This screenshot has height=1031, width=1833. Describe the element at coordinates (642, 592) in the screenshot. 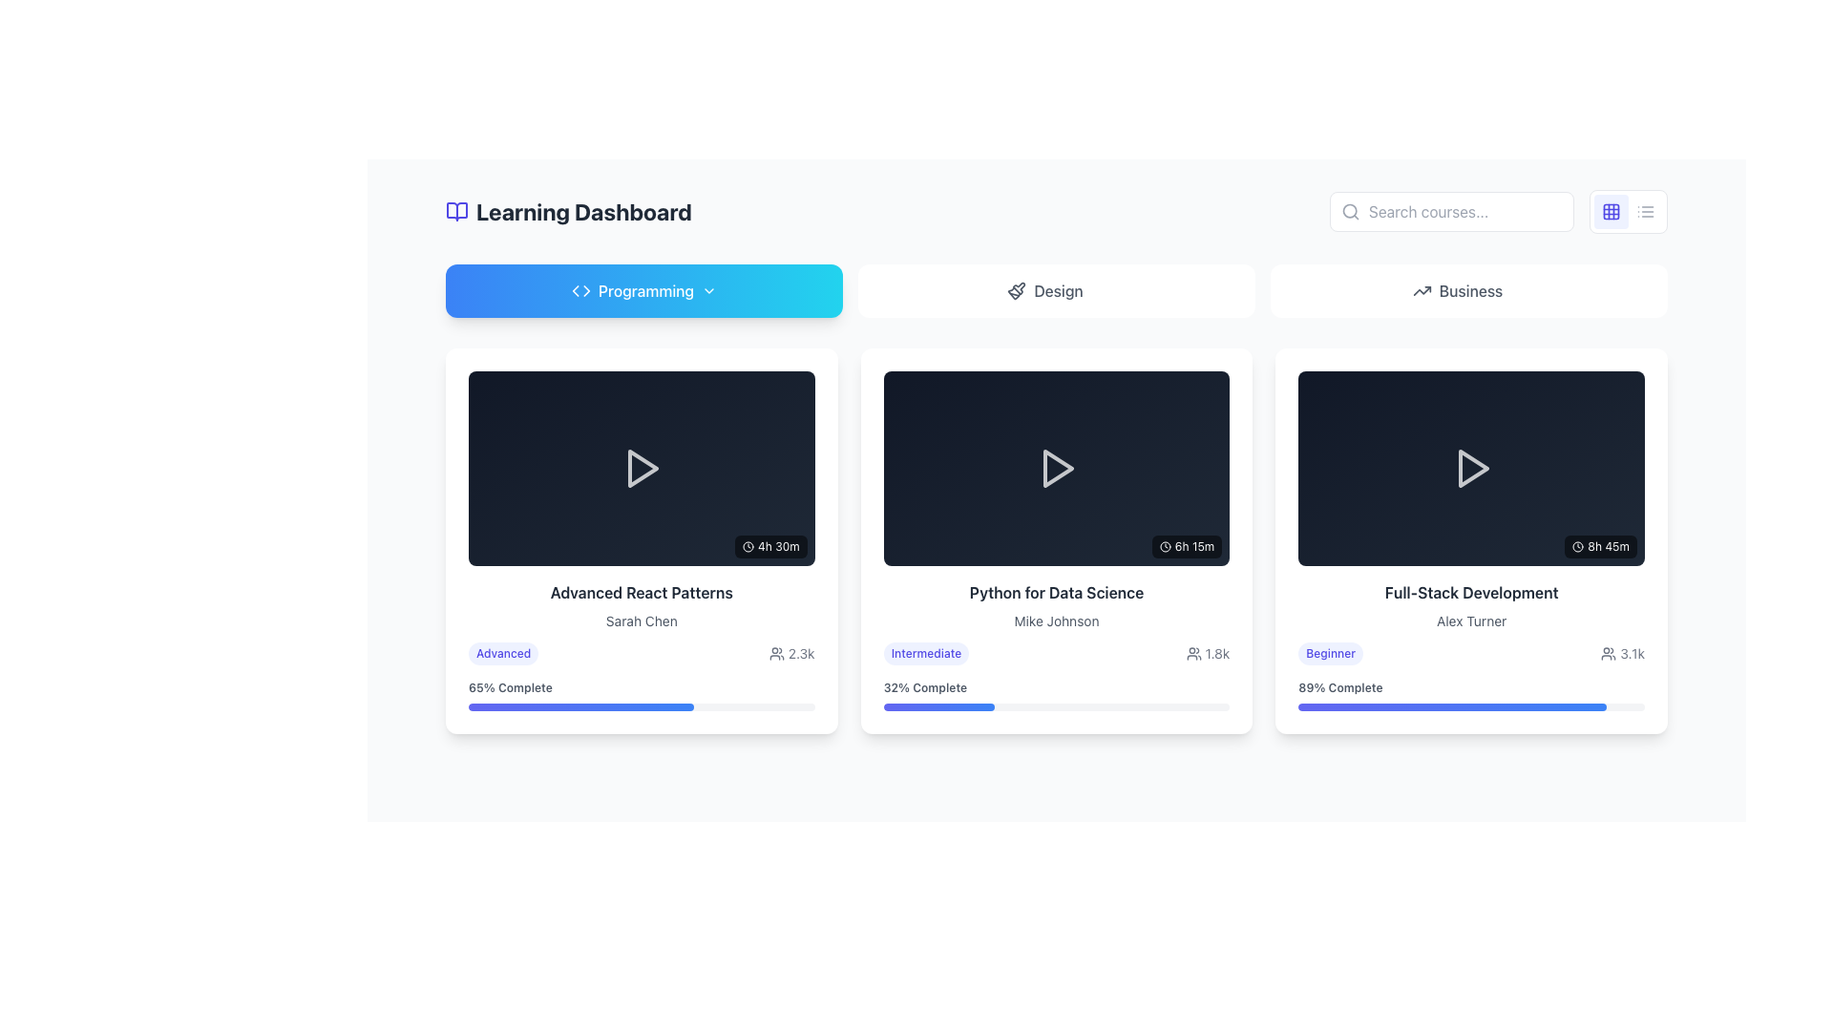

I see `text label displaying 'Advanced React Patterns' in bold, dark gray color, located in the middle section of the first card under the 'Programming' section` at that location.